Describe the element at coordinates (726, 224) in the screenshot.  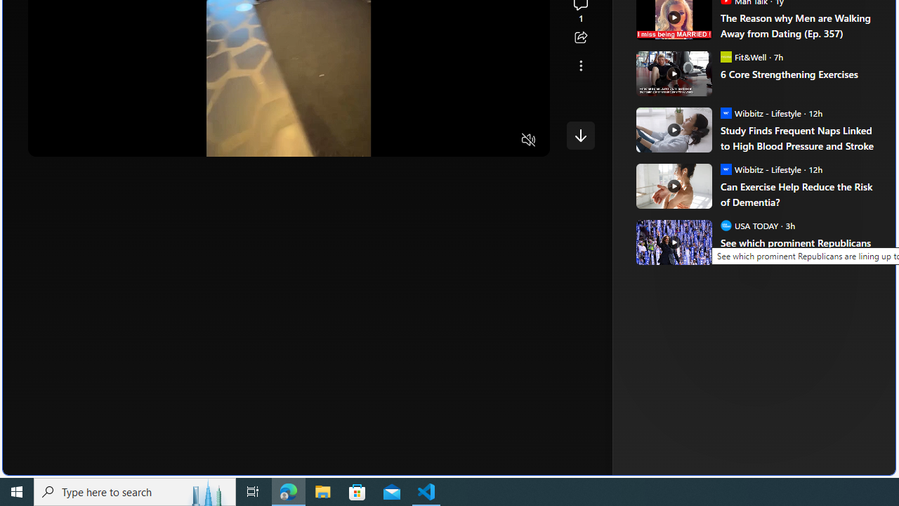
I see `'USA TODAY'` at that location.